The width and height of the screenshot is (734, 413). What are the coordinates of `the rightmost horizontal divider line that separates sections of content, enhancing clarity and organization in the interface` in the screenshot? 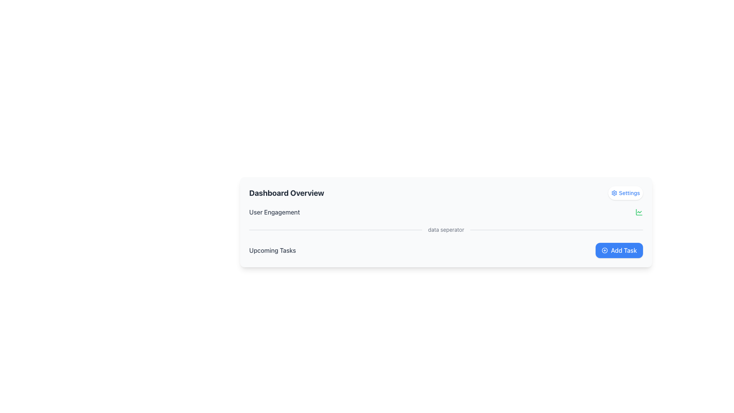 It's located at (557, 229).